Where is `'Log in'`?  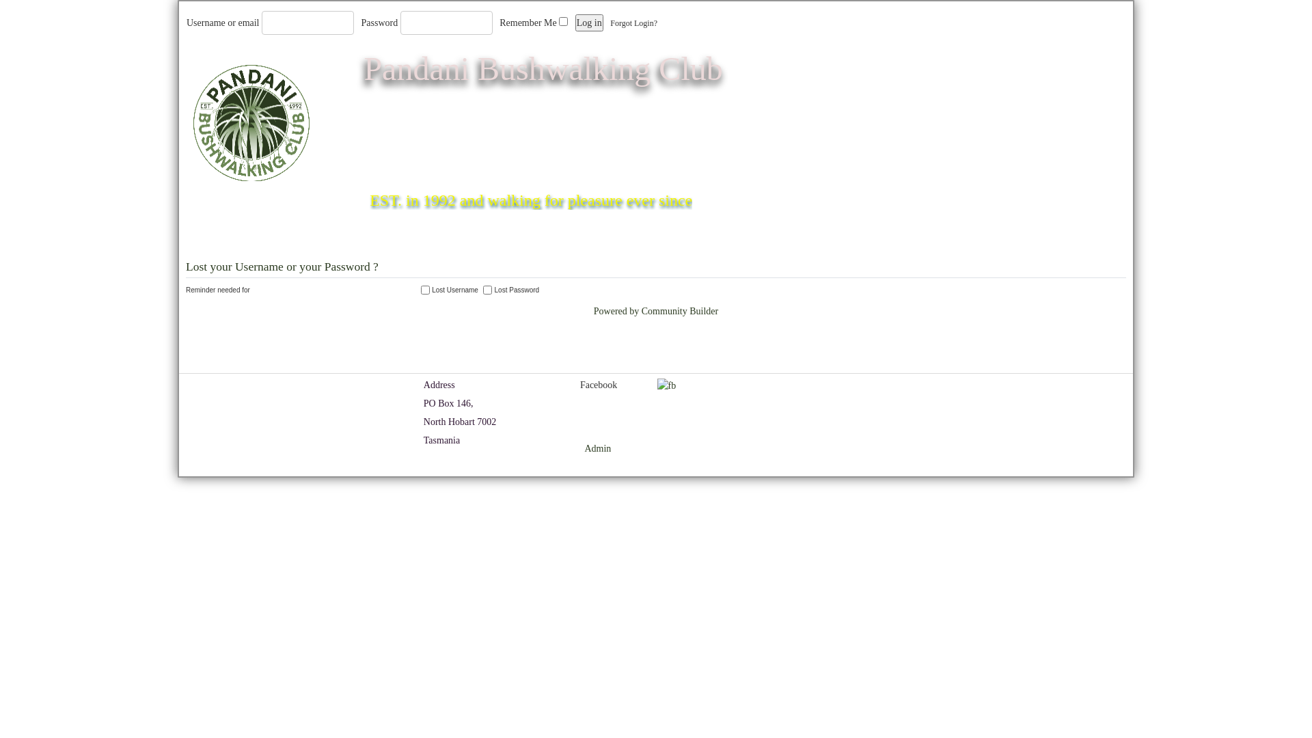 'Log in' is located at coordinates (589, 23).